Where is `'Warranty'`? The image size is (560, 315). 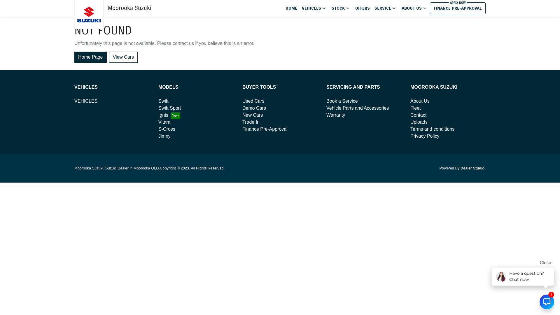
'Warranty' is located at coordinates (336, 115).